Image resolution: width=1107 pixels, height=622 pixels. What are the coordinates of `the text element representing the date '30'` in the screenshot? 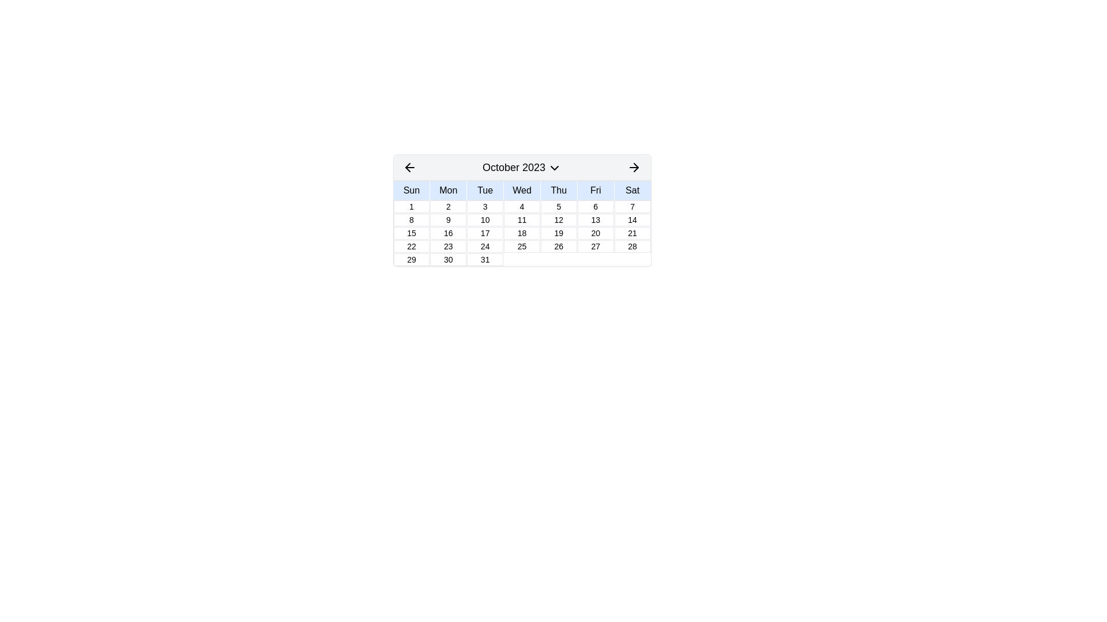 It's located at (447, 260).